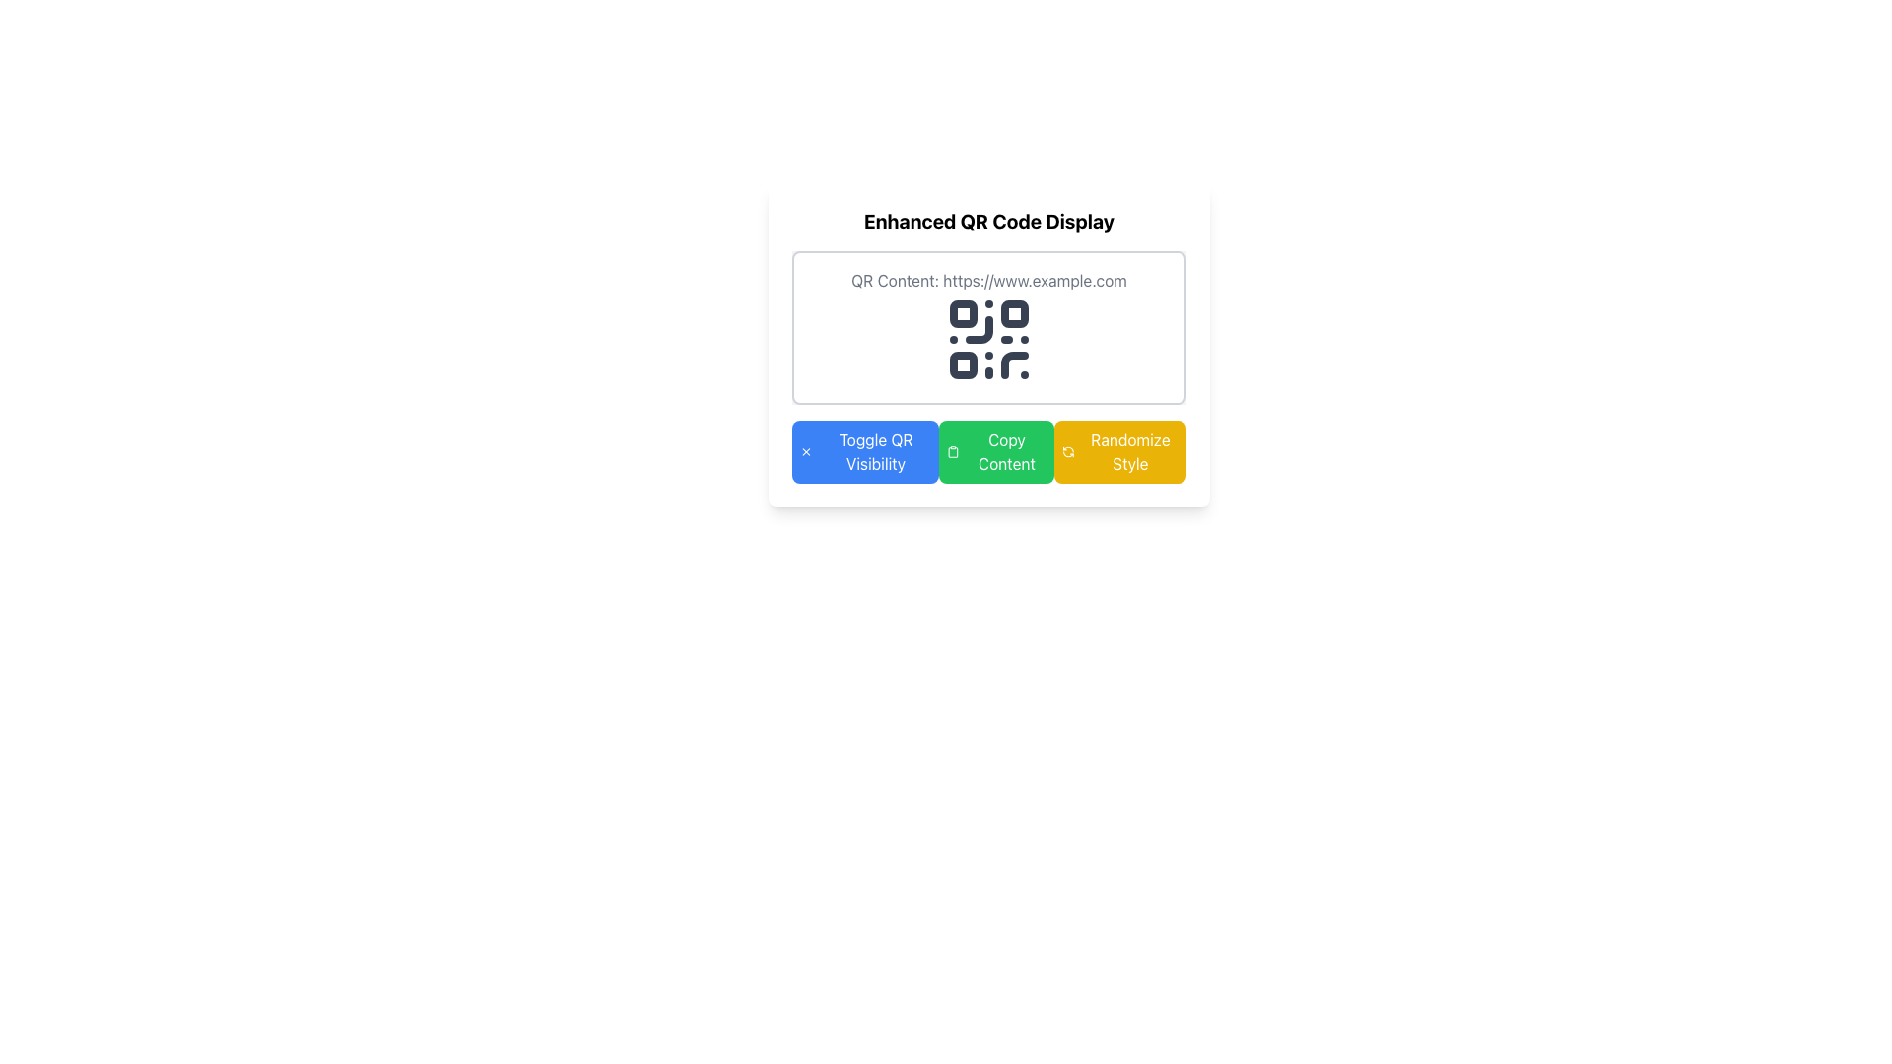 This screenshot has width=1892, height=1064. What do you see at coordinates (988, 338) in the screenshot?
I see `visual layout of the QR Code element located below the text 'QR Content: https://www.example.com'` at bounding box center [988, 338].